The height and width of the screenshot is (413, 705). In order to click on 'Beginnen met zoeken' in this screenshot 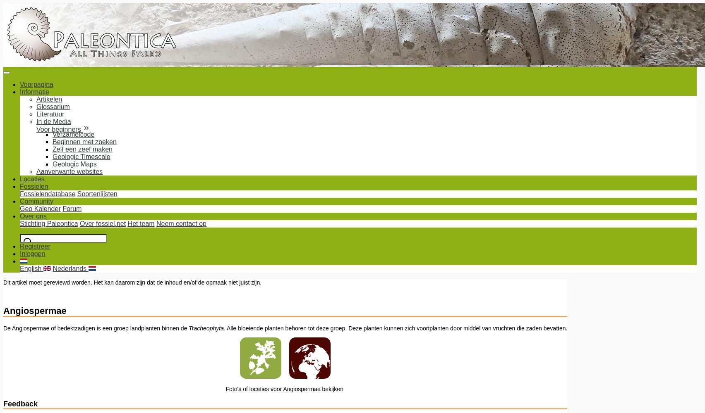, I will do `click(84, 141)`.